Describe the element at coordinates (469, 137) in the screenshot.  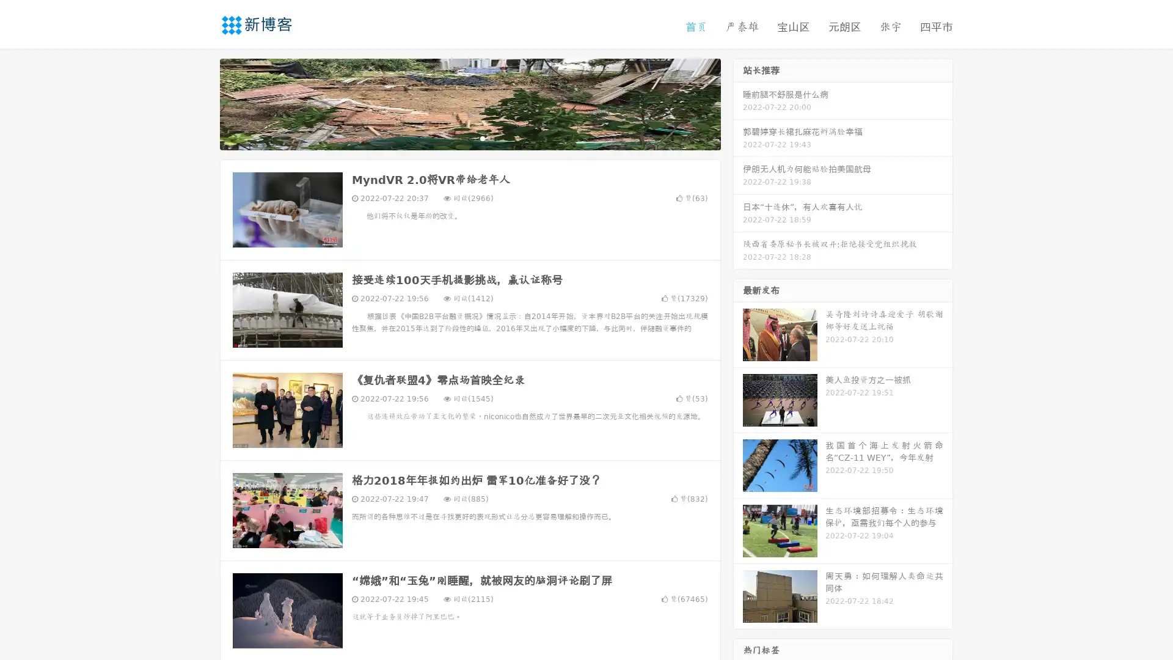
I see `Go to slide 2` at that location.